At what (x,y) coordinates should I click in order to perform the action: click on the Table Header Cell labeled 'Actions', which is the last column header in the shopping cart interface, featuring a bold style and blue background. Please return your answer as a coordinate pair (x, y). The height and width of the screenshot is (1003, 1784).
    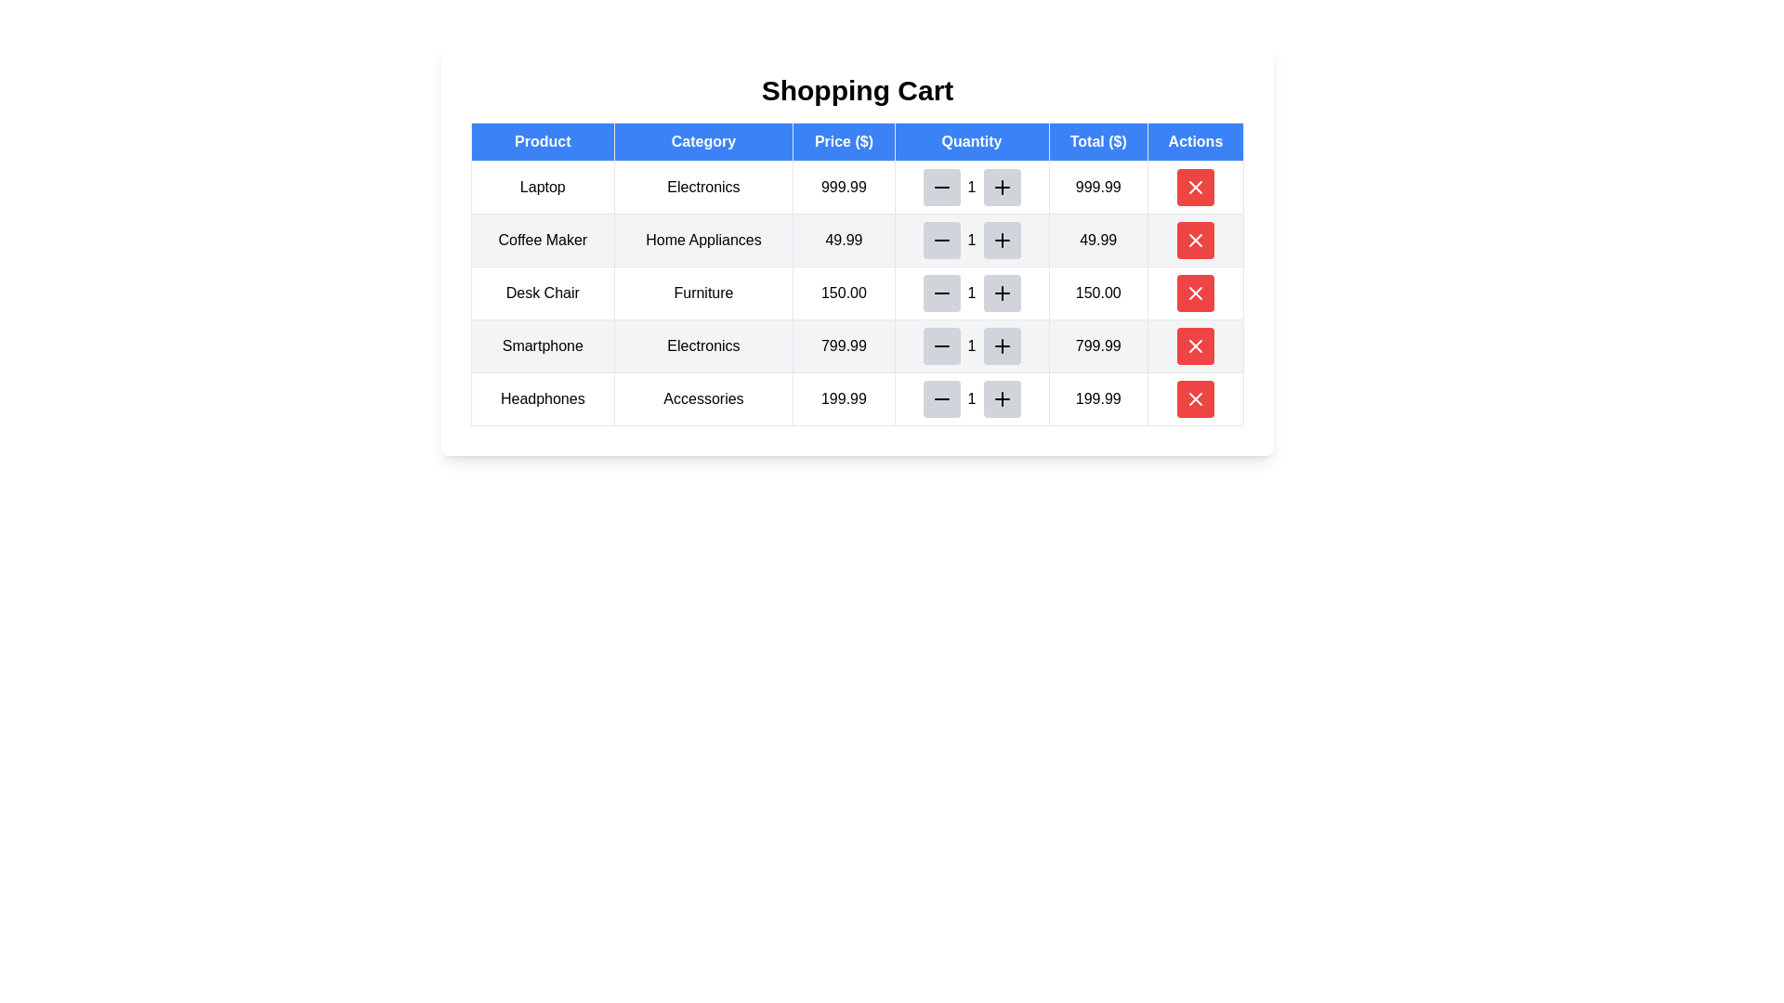
    Looking at the image, I should click on (1195, 141).